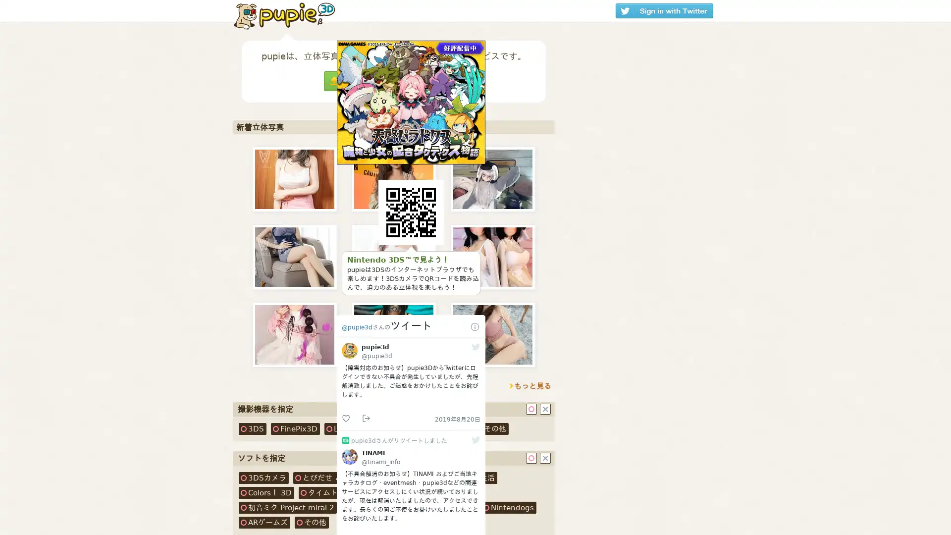 The image size is (951, 535). I want to click on EVO3D, so click(450, 428).